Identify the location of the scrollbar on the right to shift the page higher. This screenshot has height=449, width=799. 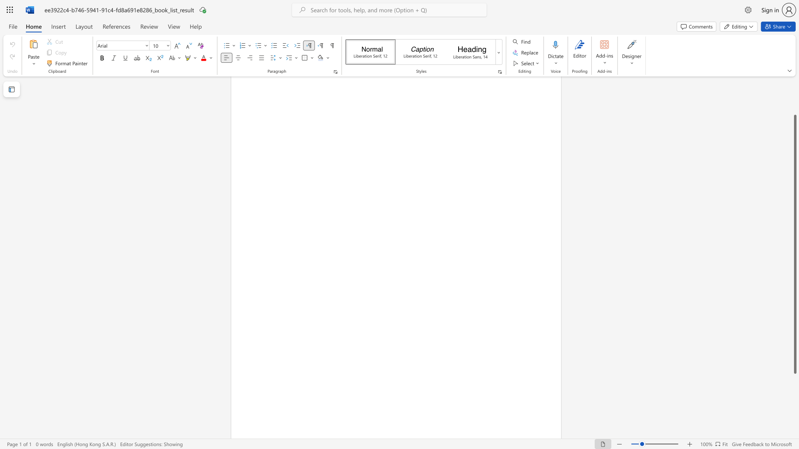
(794, 91).